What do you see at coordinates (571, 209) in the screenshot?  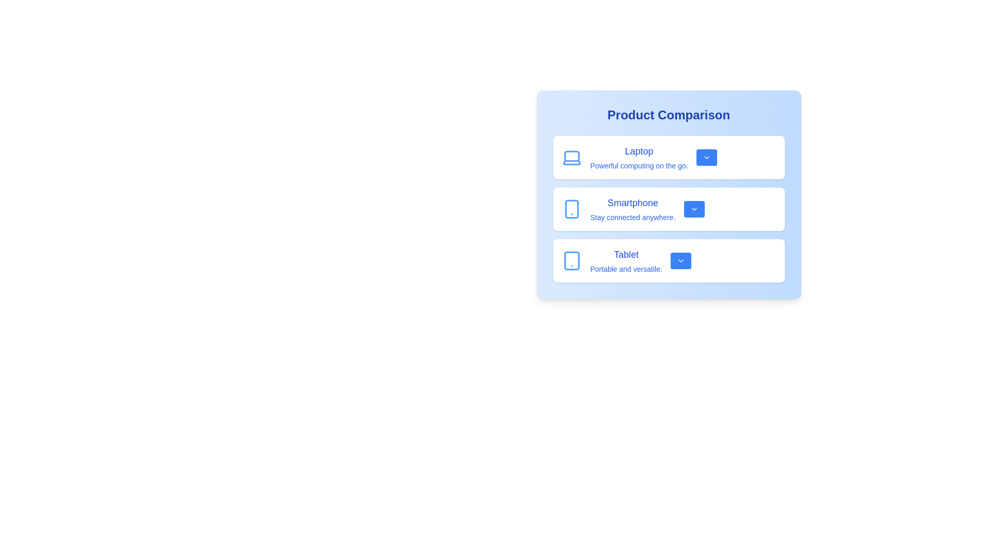 I see `the product icon for Smartphone` at bounding box center [571, 209].